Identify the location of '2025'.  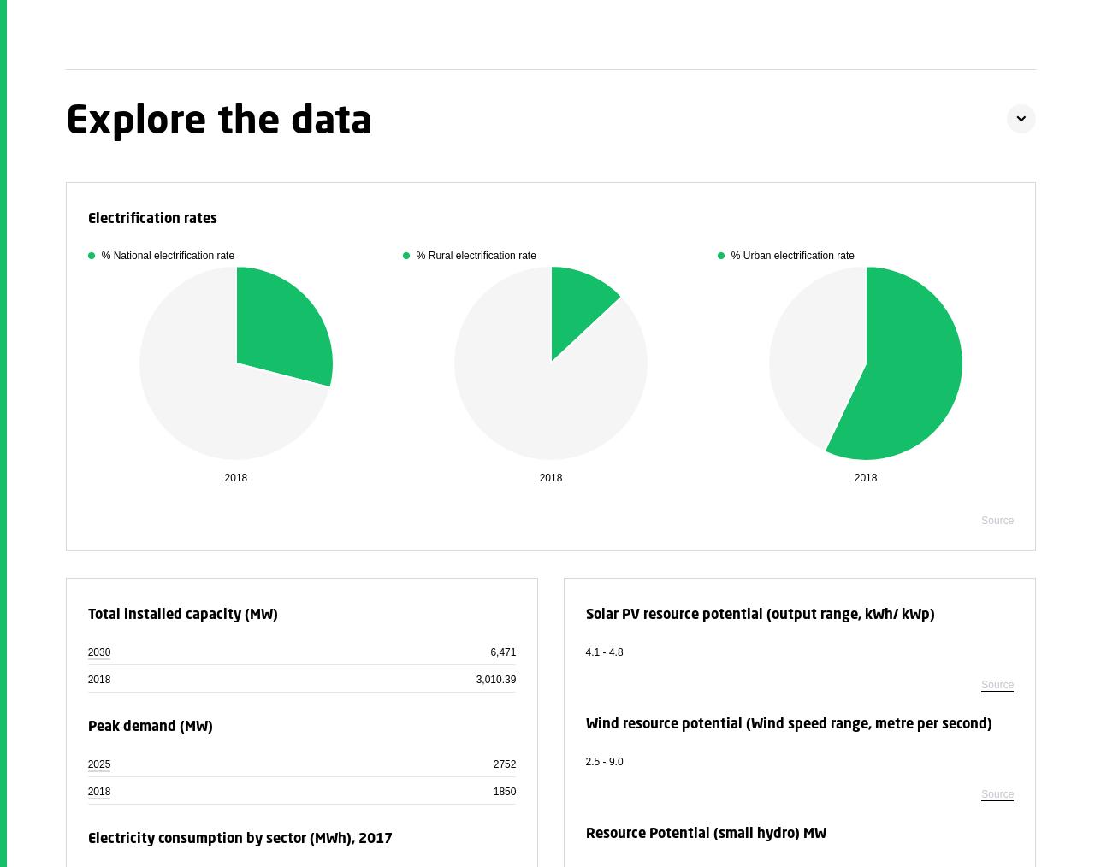
(98, 763).